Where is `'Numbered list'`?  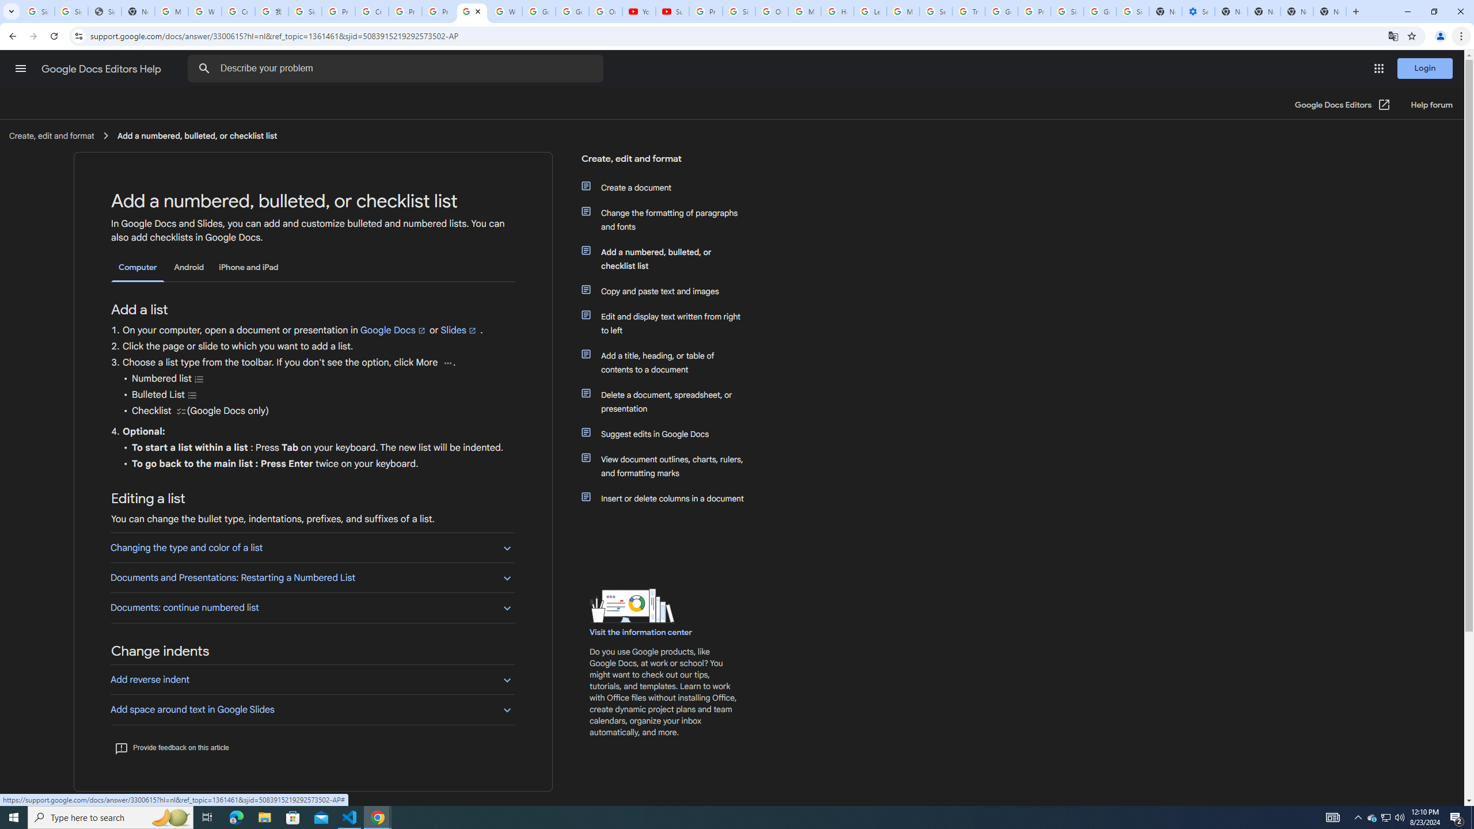
'Numbered list' is located at coordinates (199, 379).